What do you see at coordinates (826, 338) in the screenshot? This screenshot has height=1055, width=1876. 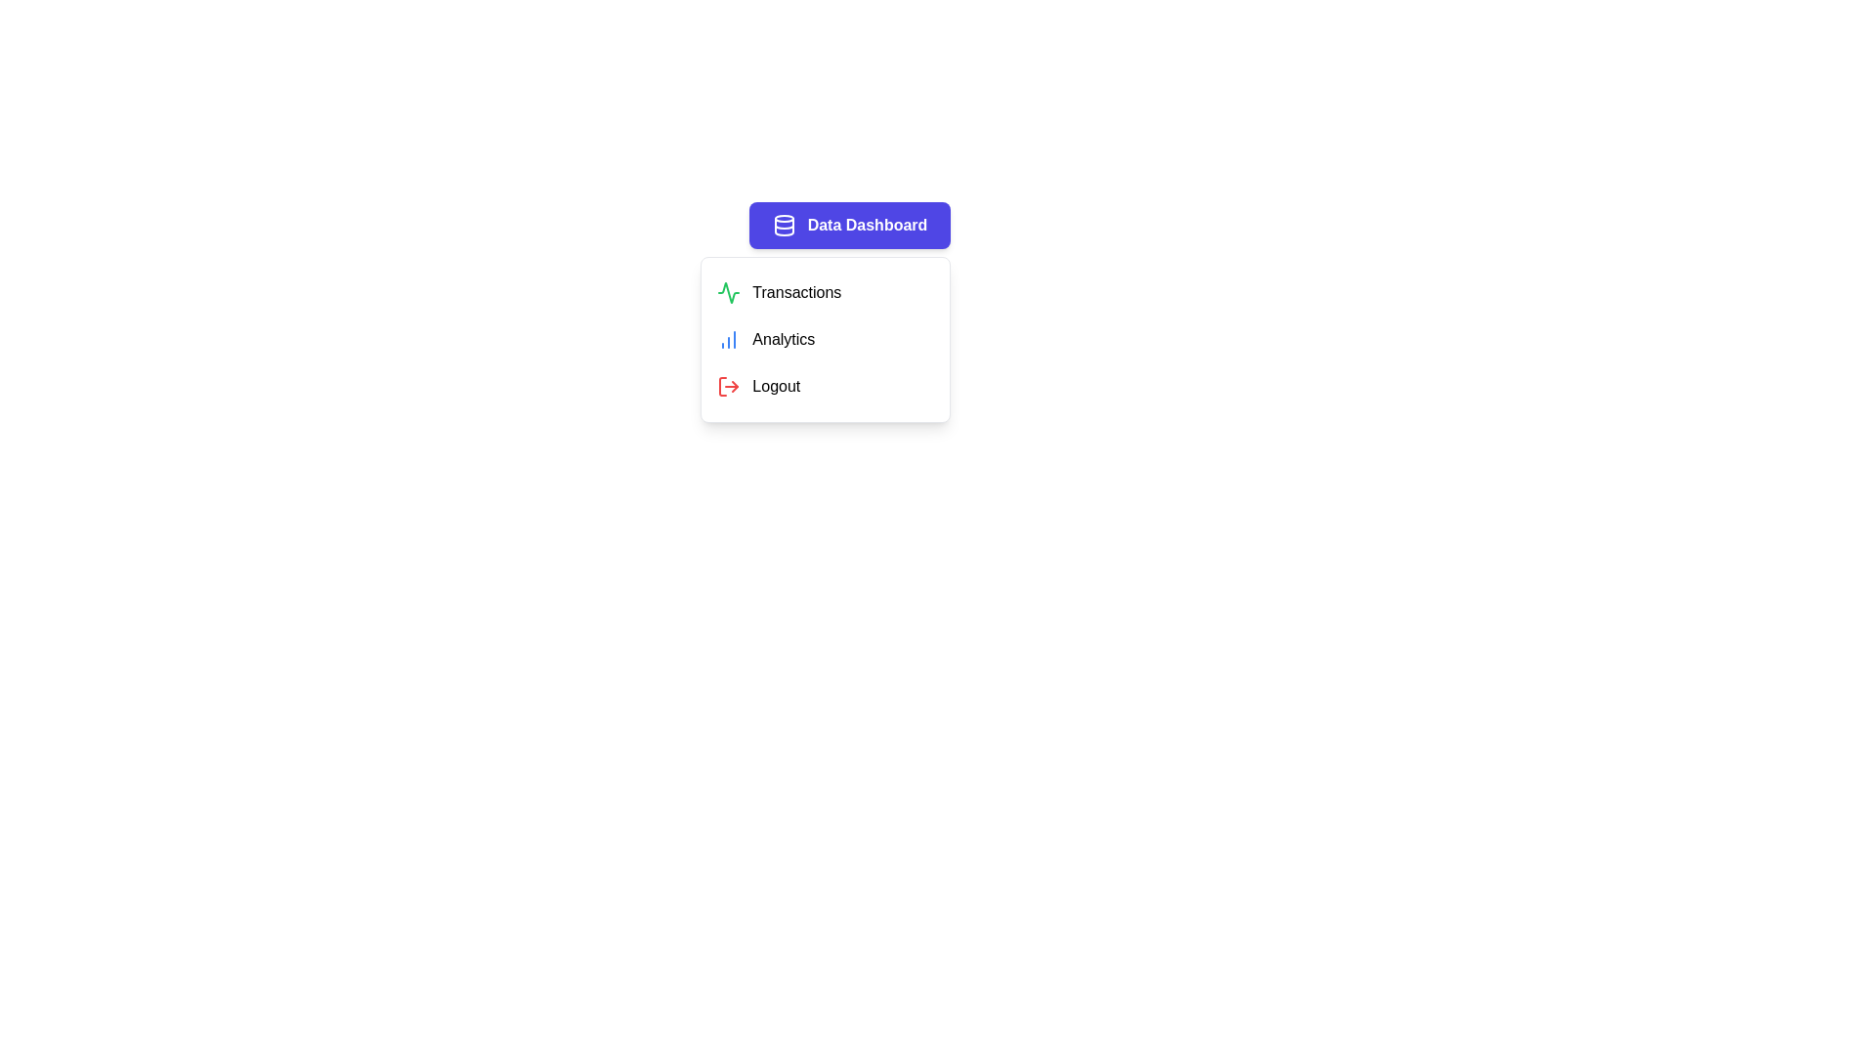 I see `the 'Analytics' menu item to navigate to the analytics section` at bounding box center [826, 338].